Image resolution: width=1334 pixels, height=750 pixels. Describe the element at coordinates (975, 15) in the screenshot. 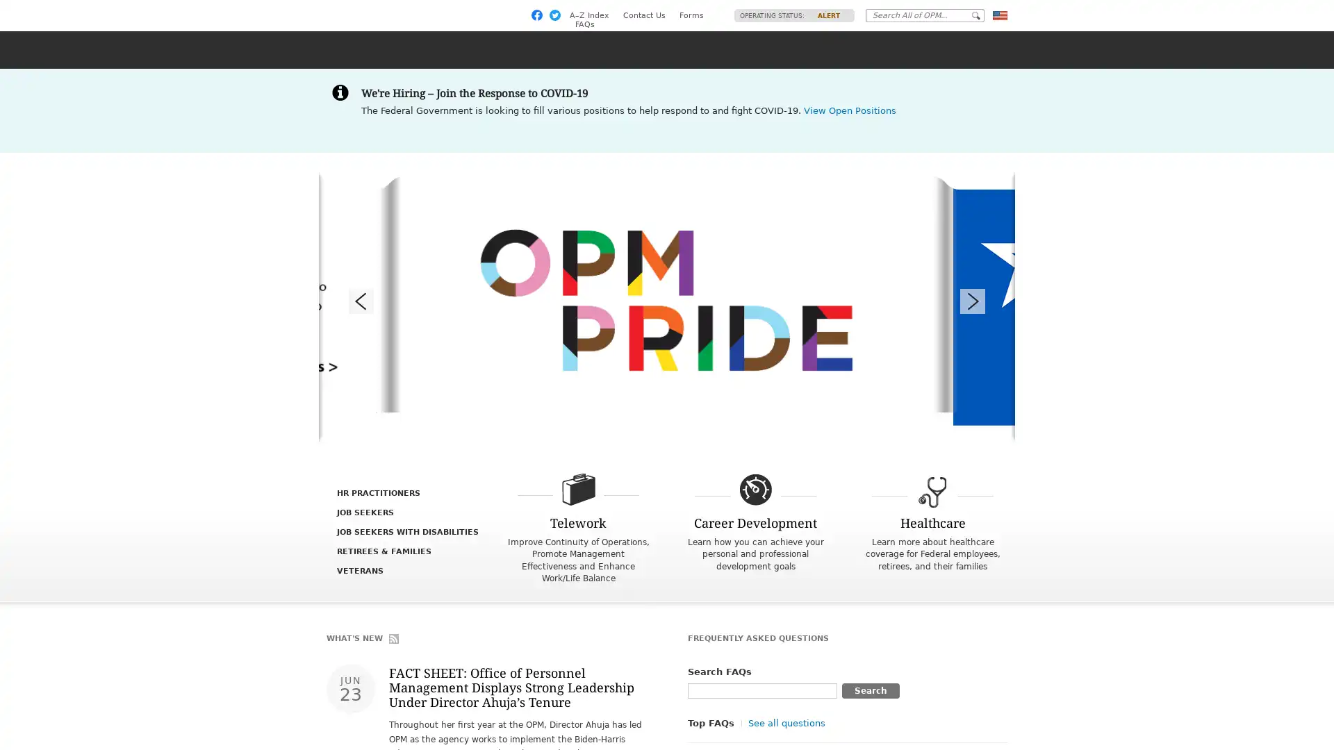

I see `Go` at that location.